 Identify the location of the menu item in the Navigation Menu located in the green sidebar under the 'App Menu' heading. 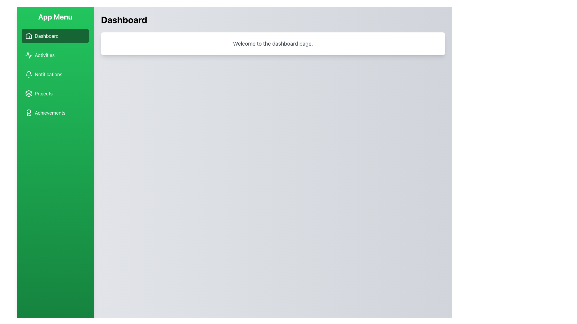
(55, 74).